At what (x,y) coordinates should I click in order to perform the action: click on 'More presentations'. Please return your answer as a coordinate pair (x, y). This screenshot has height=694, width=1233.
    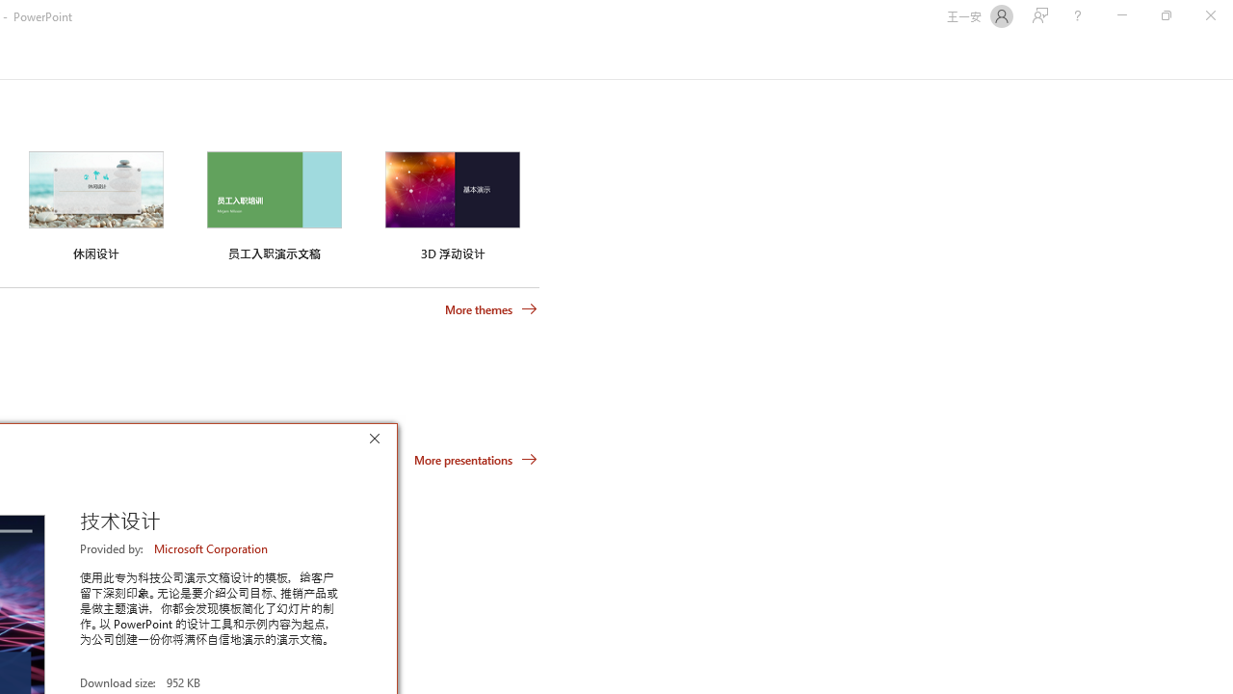
    Looking at the image, I should click on (476, 460).